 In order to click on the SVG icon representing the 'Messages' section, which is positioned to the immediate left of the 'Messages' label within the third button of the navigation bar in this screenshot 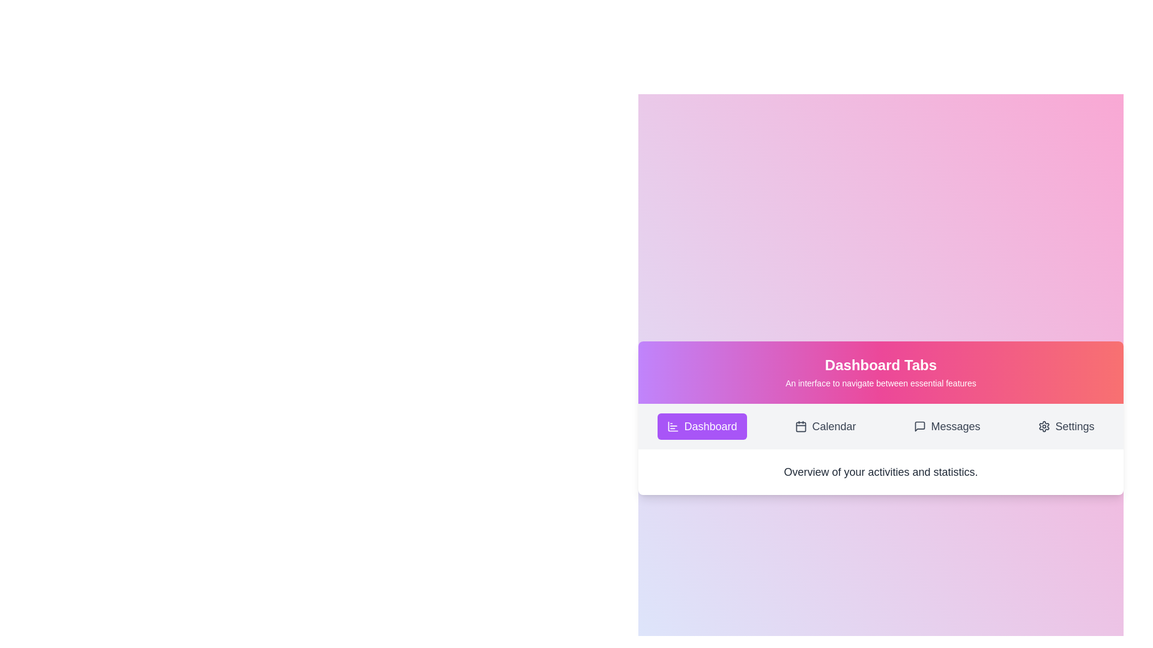, I will do `click(919, 425)`.